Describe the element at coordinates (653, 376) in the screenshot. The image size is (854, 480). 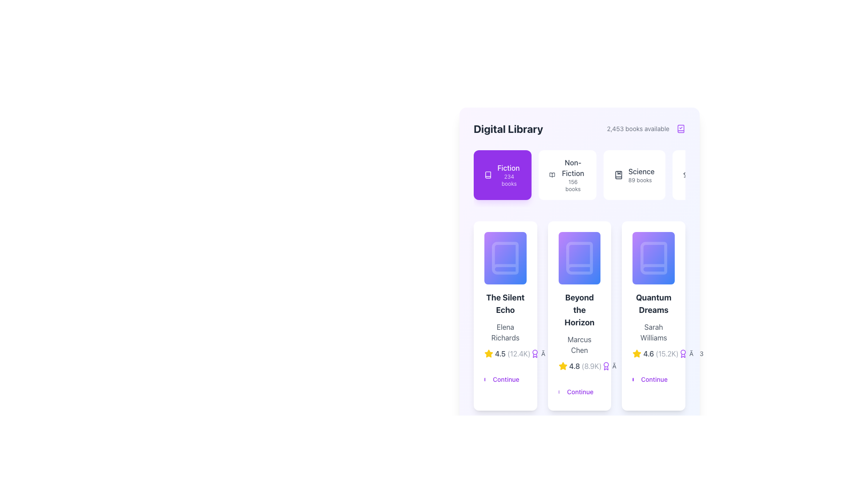
I see `the call-to-action button in the 'Quantum Dreams' section` at that location.